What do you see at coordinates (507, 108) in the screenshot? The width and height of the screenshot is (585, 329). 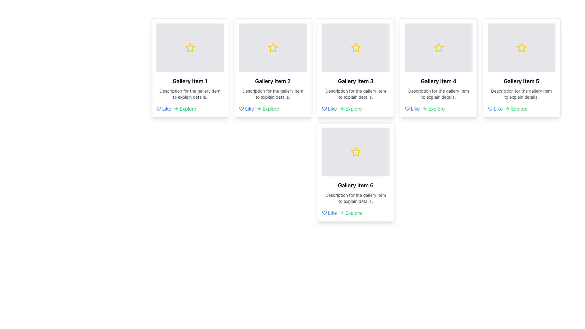 I see `the arrow icon located to the right of the 'Explore' link in the fifth gallery item labeled 'Gallery Item 5'` at bounding box center [507, 108].